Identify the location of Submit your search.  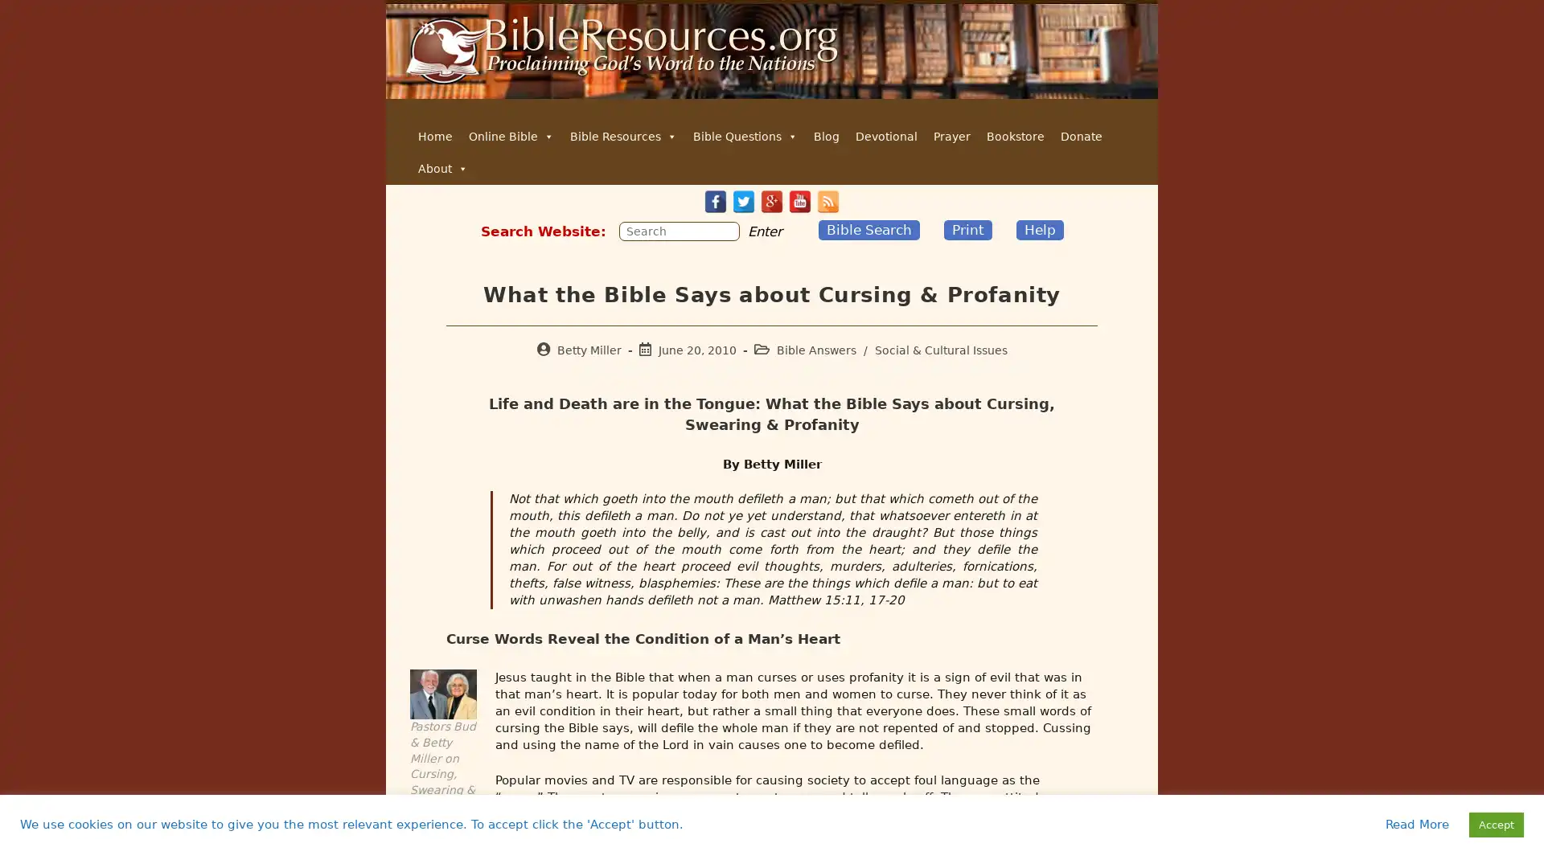
(721, 230).